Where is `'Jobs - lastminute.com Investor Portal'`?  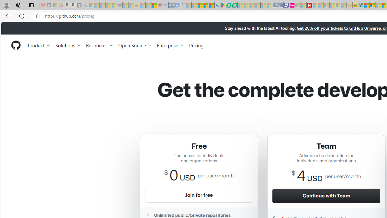 'Jobs - lastminute.com Investor Portal' is located at coordinates (292, 5).